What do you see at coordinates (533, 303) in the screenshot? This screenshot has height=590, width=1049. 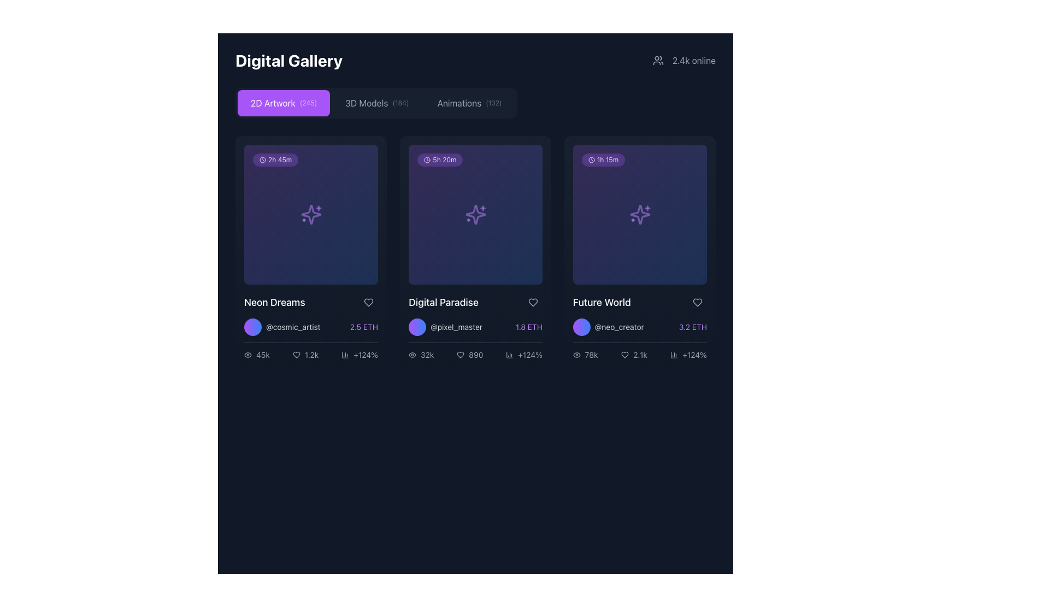 I see `the heart-shaped icon outlined in white at the bottom-right corner of the 'Digital Paradise' card to like the item` at bounding box center [533, 303].